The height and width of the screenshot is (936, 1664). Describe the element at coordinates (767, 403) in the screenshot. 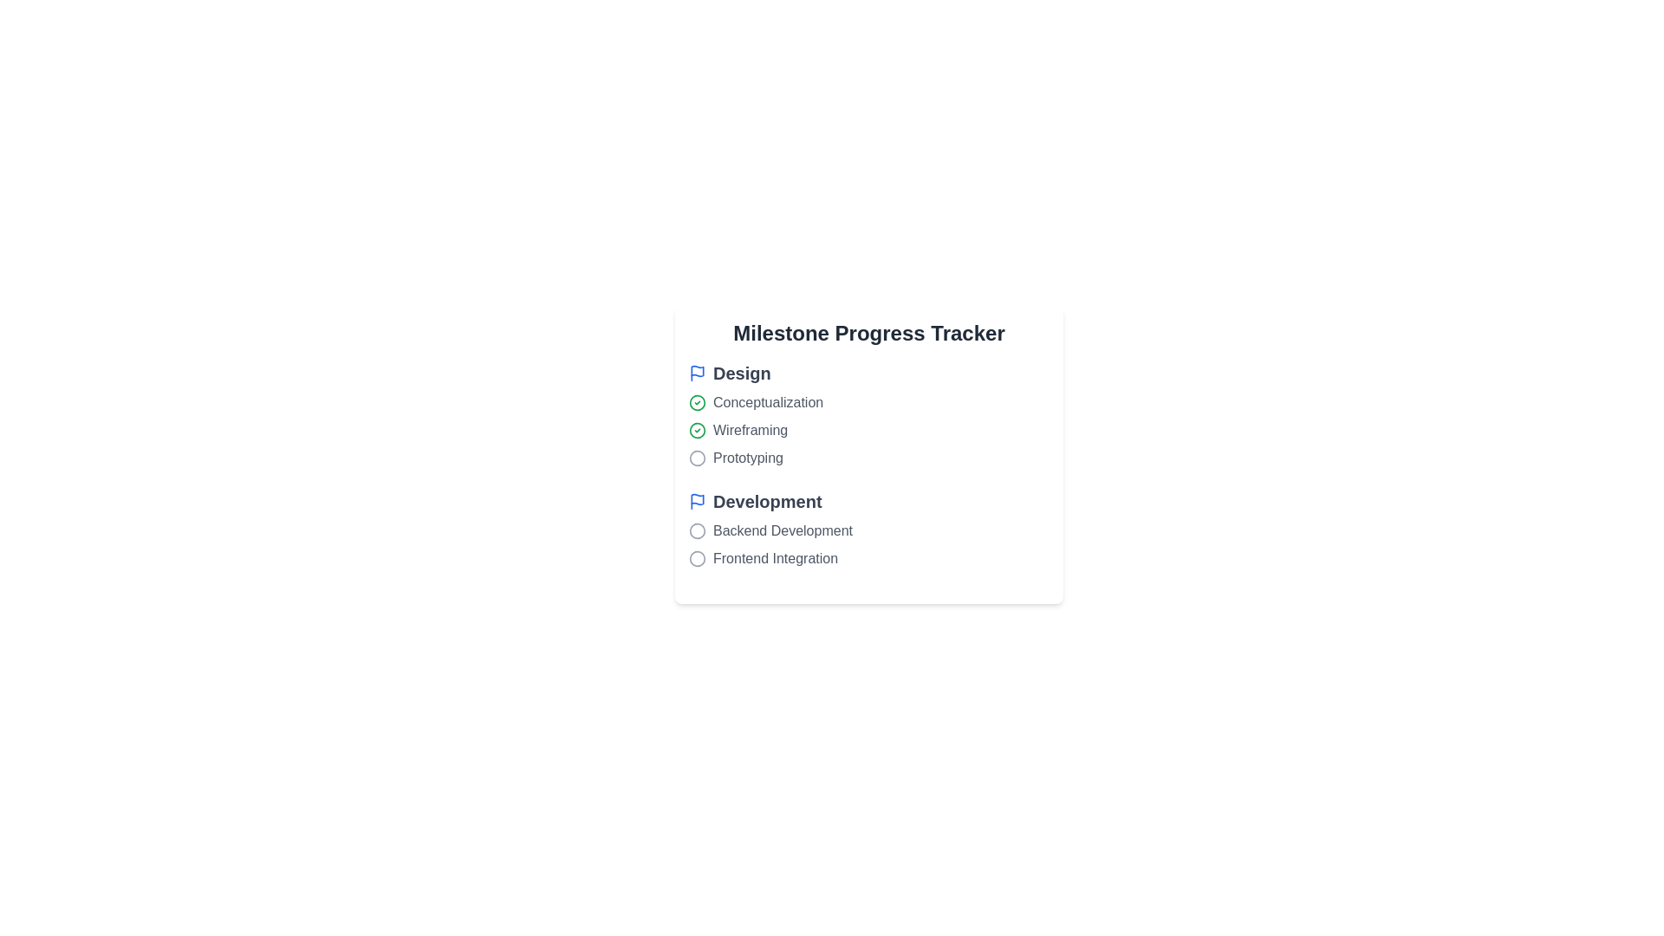

I see `the Text Label indicating the progress step 'Conceptualization' in the 'Design' category, which is positioned below a green checkmark icon and is the second item in the progress tracker` at that location.